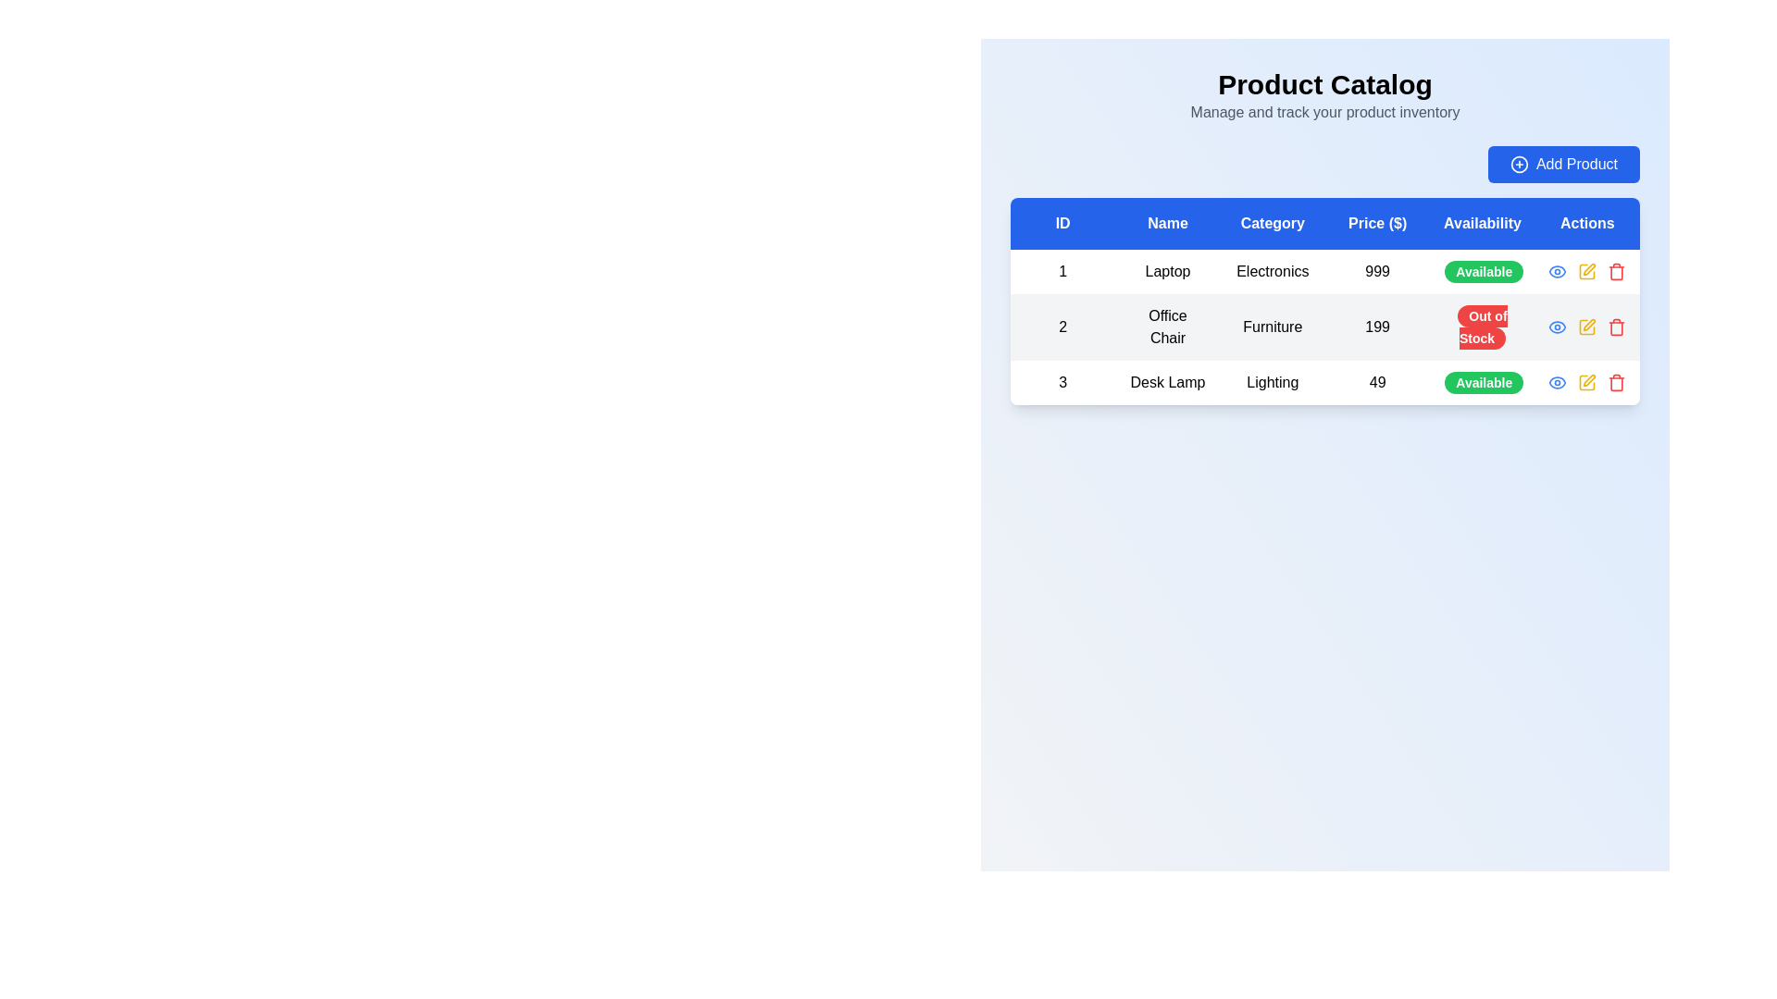 This screenshot has width=1777, height=999. Describe the element at coordinates (1586, 223) in the screenshot. I see `the 'Actions' column header, which is the last column header in a table with a blue background and white text` at that location.